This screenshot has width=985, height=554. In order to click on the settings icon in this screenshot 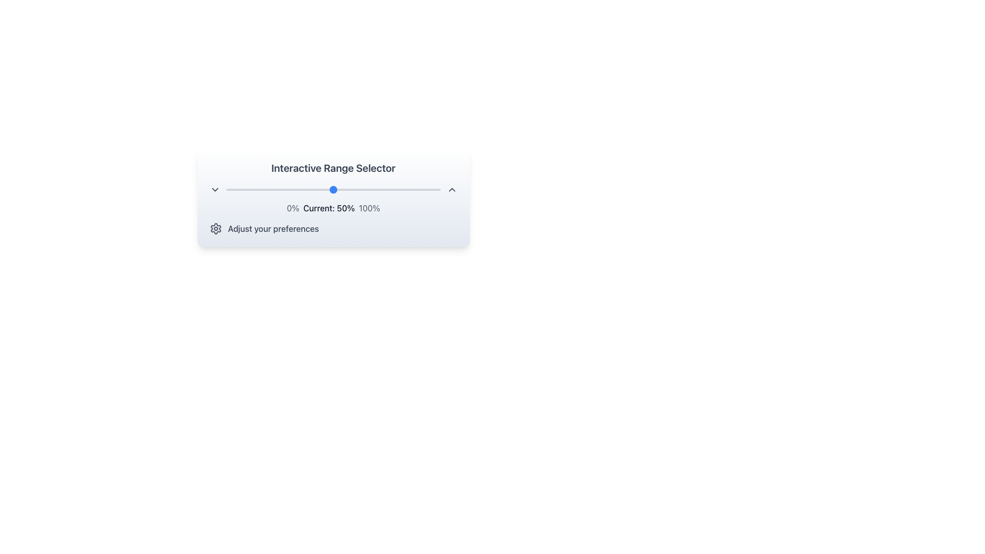, I will do `click(215, 228)`.